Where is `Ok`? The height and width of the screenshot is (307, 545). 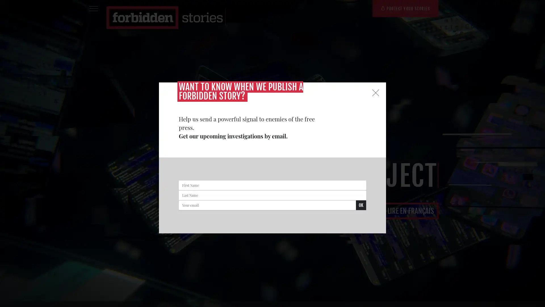
Ok is located at coordinates (112, 63).